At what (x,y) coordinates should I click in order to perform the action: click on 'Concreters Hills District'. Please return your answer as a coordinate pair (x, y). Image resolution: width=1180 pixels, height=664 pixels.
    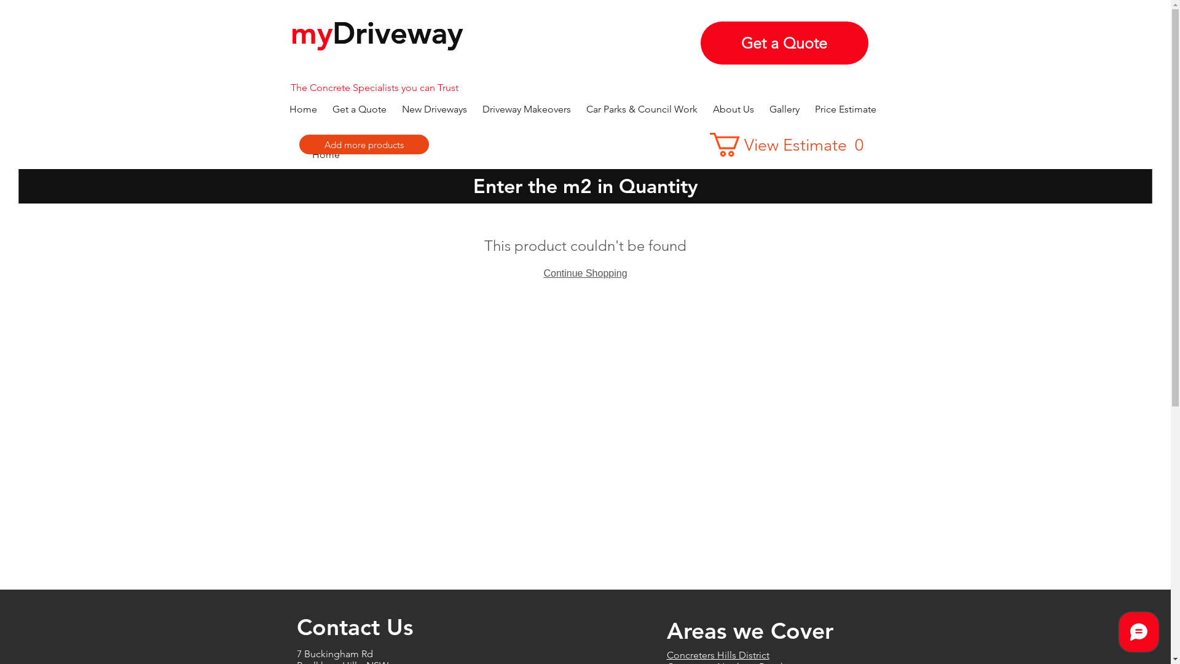
    Looking at the image, I should click on (717, 654).